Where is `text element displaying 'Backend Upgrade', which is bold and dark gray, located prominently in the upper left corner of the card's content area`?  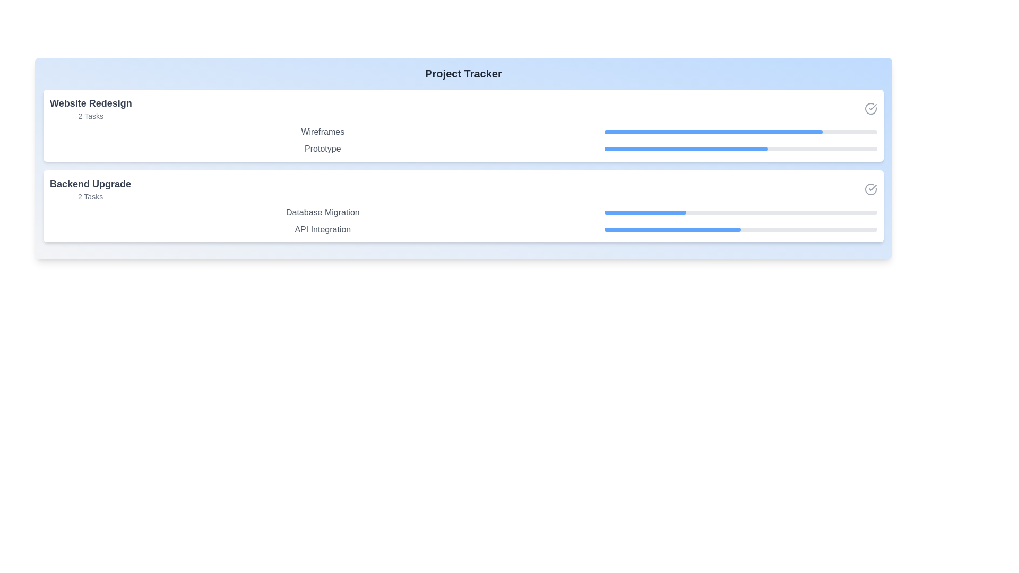
text element displaying 'Backend Upgrade', which is bold and dark gray, located prominently in the upper left corner of the card's content area is located at coordinates (90, 184).